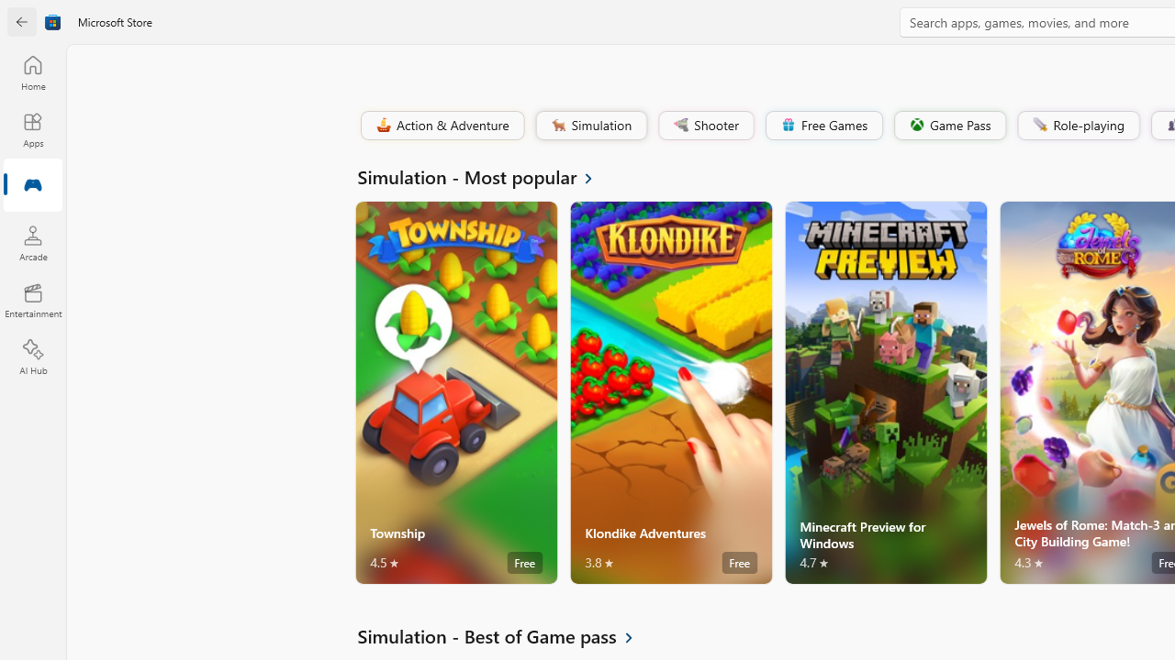 The width and height of the screenshot is (1175, 660). What do you see at coordinates (1079, 124) in the screenshot?
I see `'Role-playing'` at bounding box center [1079, 124].